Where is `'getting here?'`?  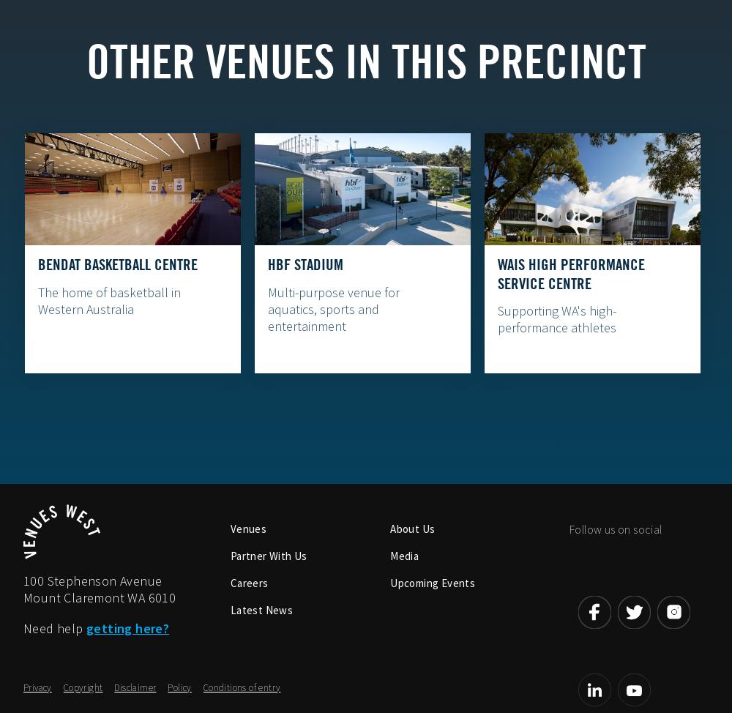 'getting here?' is located at coordinates (127, 627).